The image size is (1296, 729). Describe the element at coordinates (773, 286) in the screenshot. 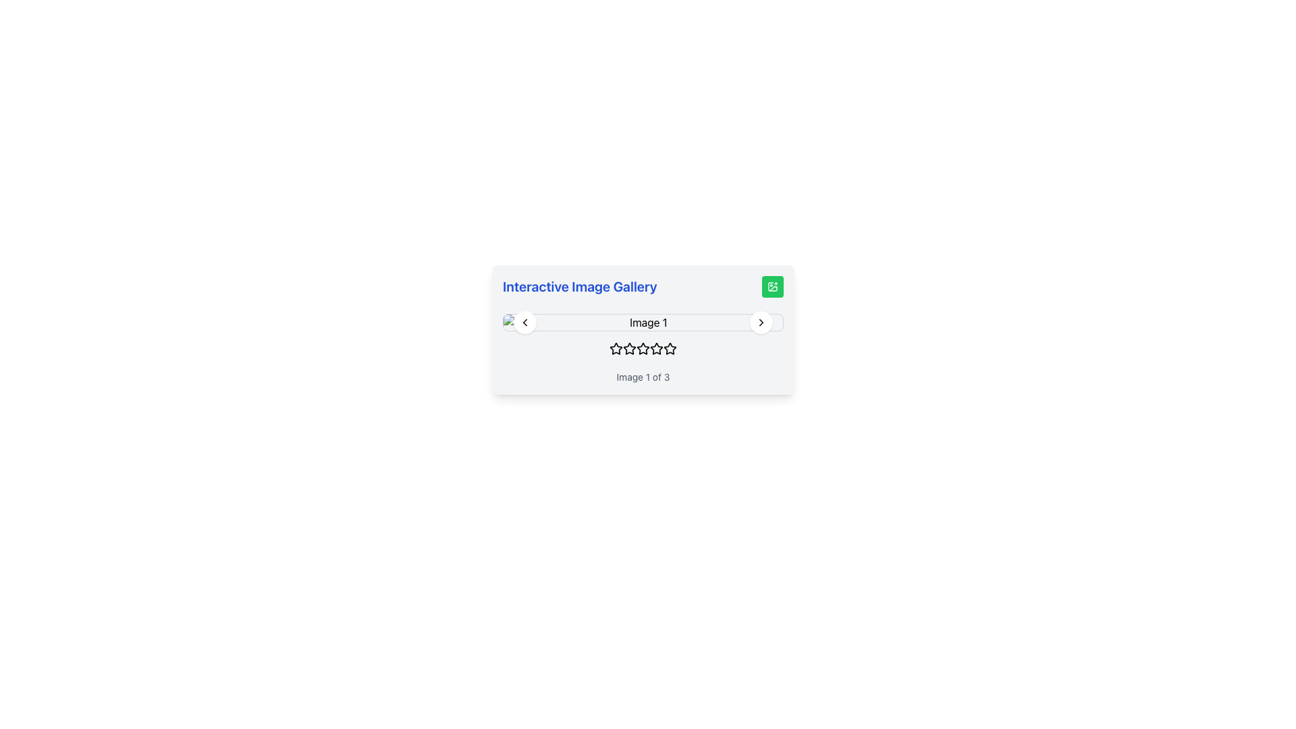

I see `the icon button located in the top-right corner of the 'Interactive Image Gallery' card` at that location.